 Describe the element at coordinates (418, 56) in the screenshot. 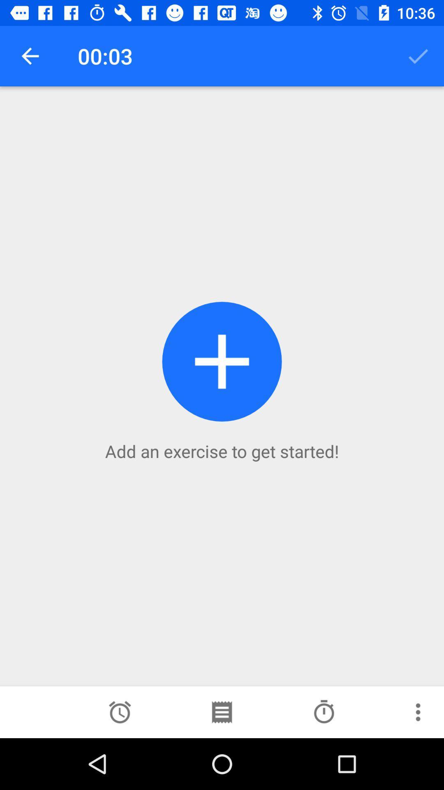

I see `the icon to the right of the 00:03 item` at that location.